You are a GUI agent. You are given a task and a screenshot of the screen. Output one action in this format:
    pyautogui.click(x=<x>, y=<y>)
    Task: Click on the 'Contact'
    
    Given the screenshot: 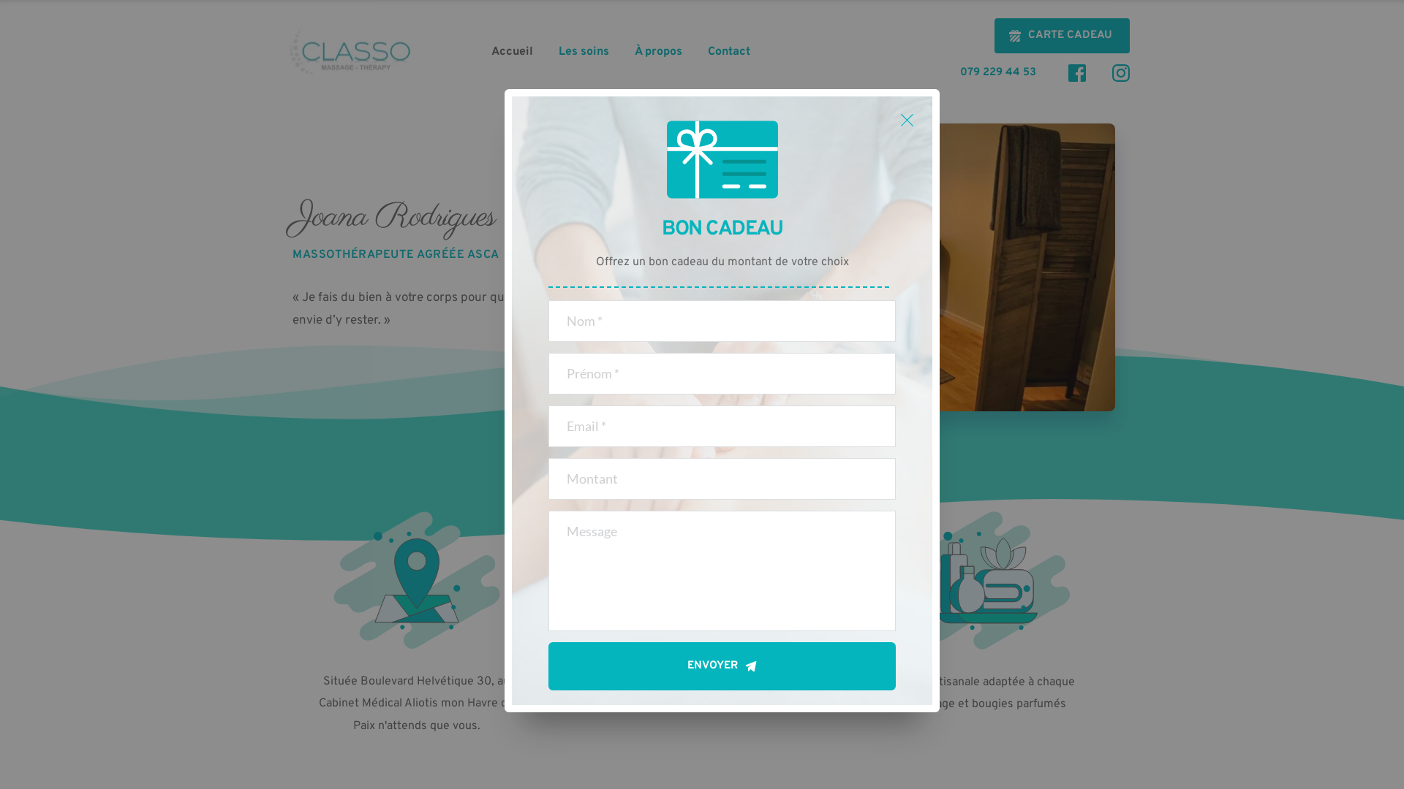 What is the action you would take?
    pyautogui.click(x=729, y=50)
    